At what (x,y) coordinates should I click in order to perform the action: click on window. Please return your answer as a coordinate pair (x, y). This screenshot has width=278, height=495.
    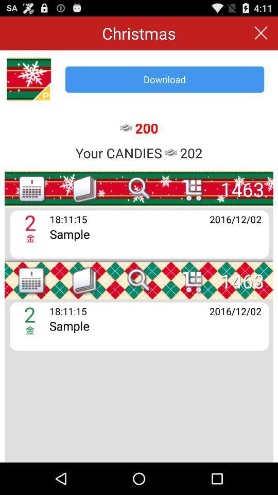
    Looking at the image, I should click on (261, 33).